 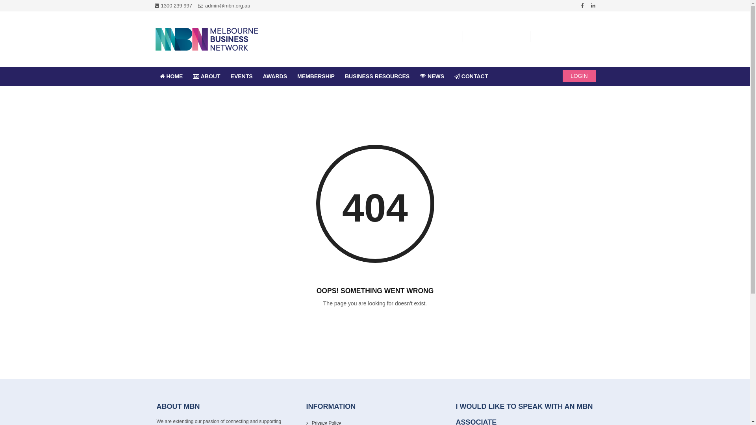 What do you see at coordinates (582, 6) in the screenshot?
I see `'Facebook'` at bounding box center [582, 6].